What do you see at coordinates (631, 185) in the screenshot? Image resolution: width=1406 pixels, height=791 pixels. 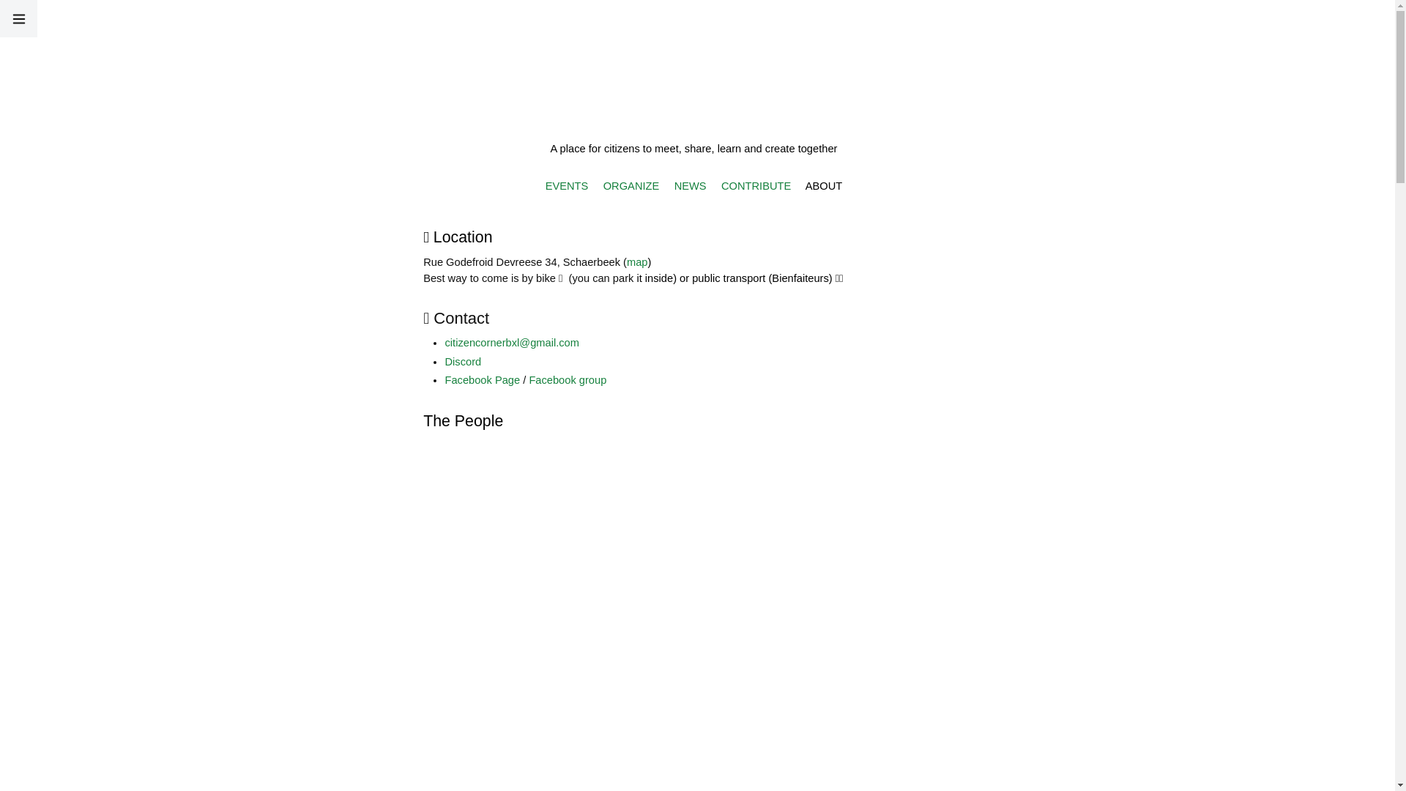 I see `'ORGANIZE'` at bounding box center [631, 185].